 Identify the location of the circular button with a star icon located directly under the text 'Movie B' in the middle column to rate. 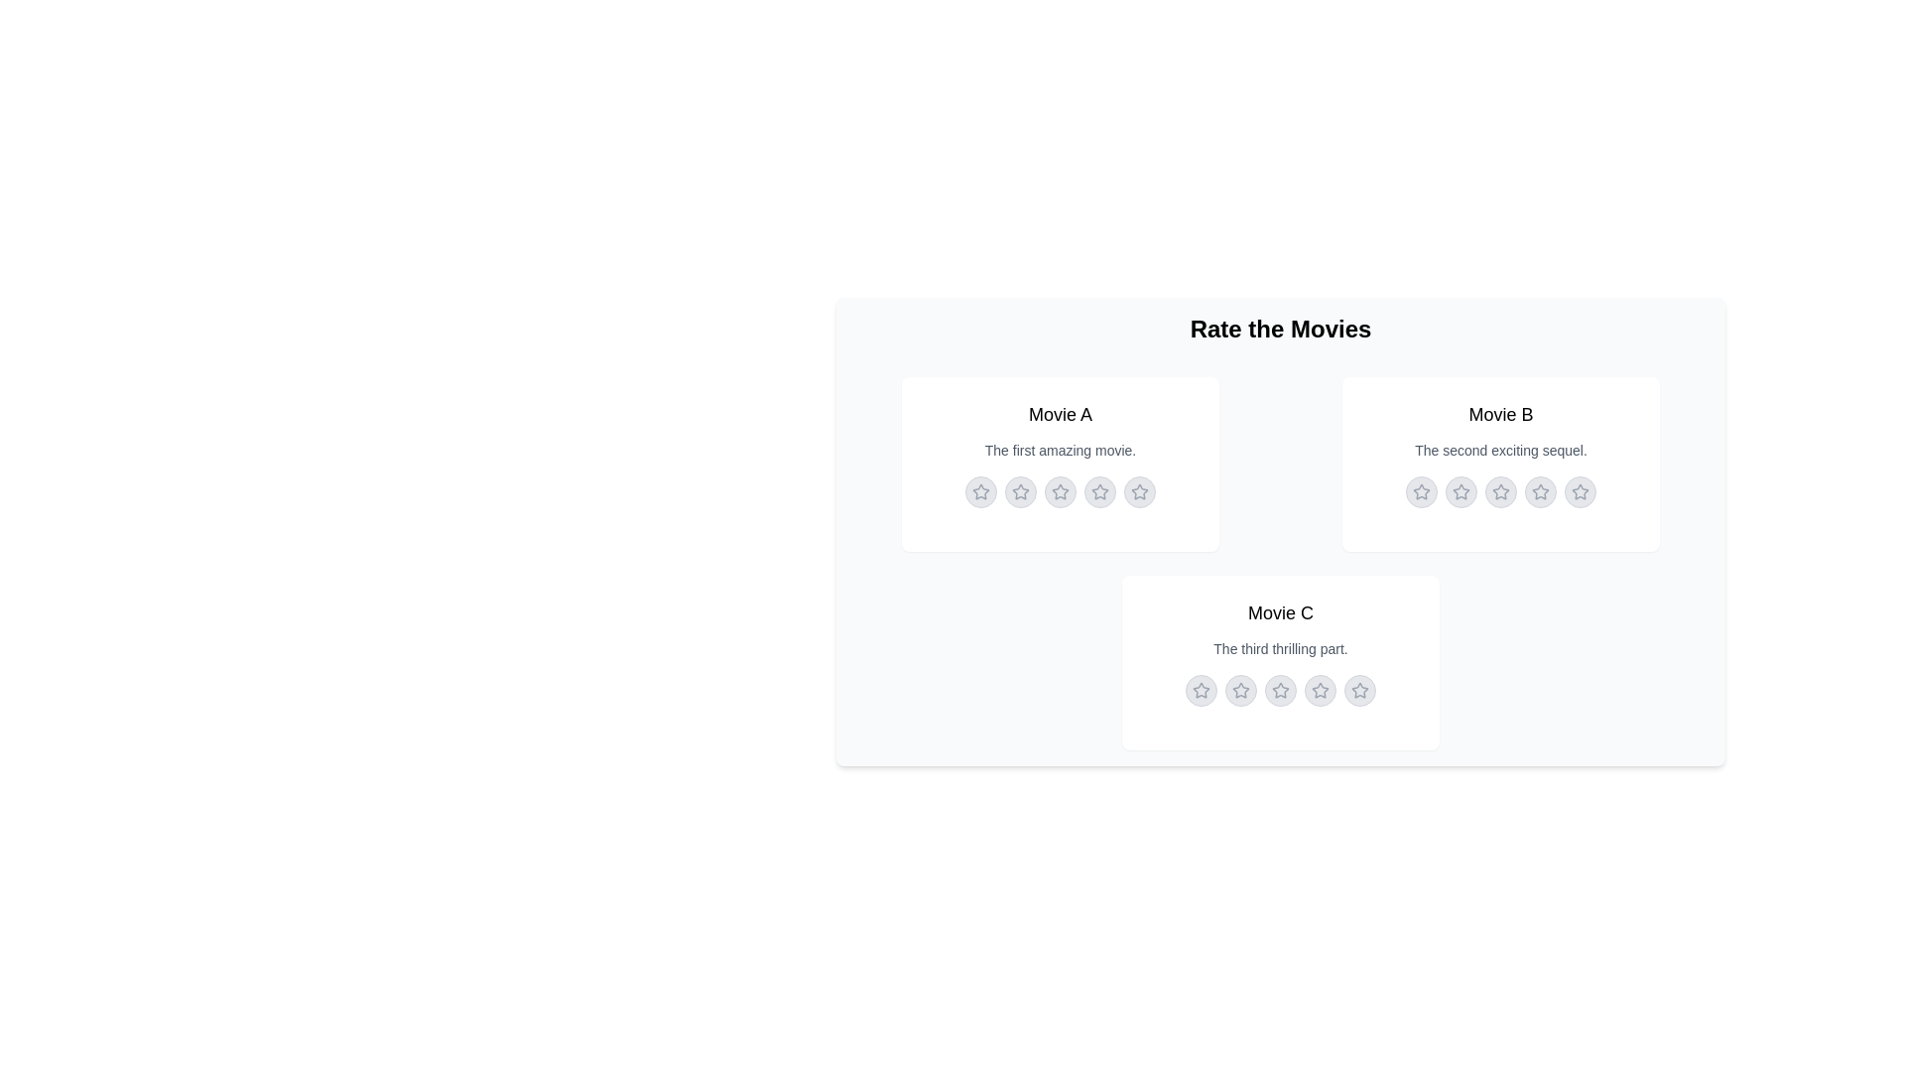
(1421, 491).